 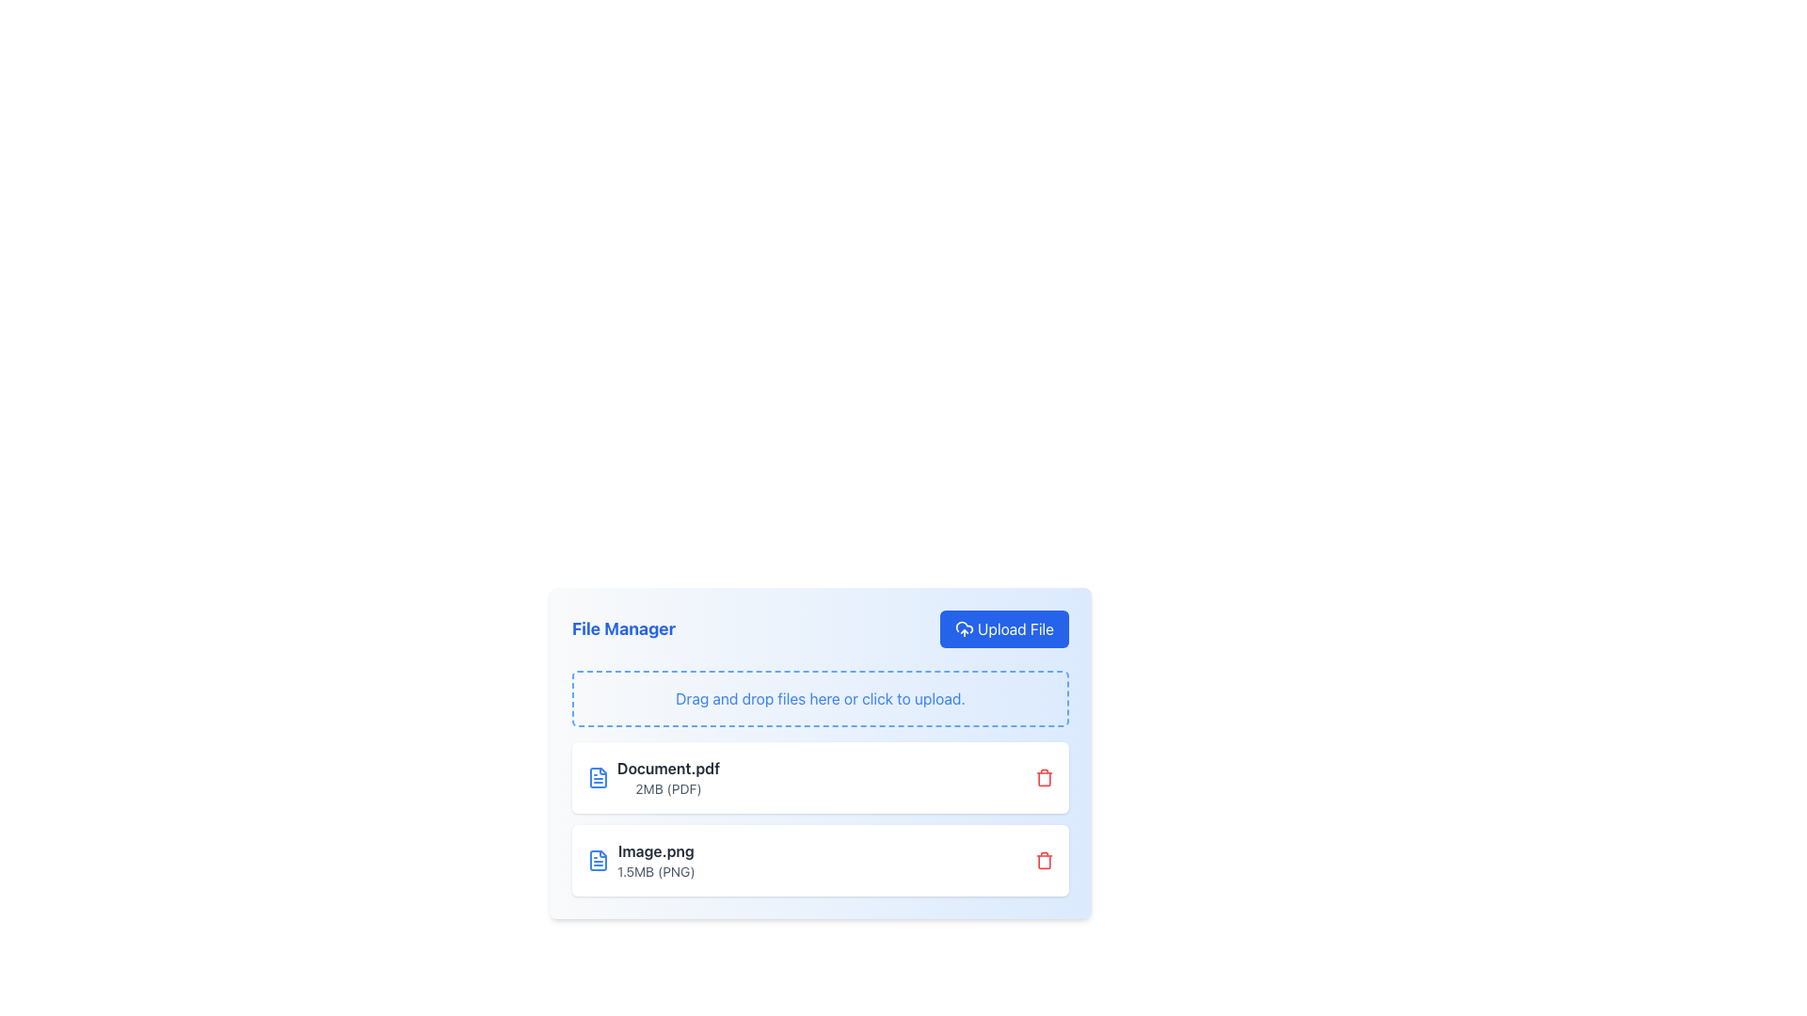 I want to click on the Dropzone for file upload, which is a rectangular area with dashed borders and centered text reading 'Drag and drop files here or click to upload.', so click(x=821, y=699).